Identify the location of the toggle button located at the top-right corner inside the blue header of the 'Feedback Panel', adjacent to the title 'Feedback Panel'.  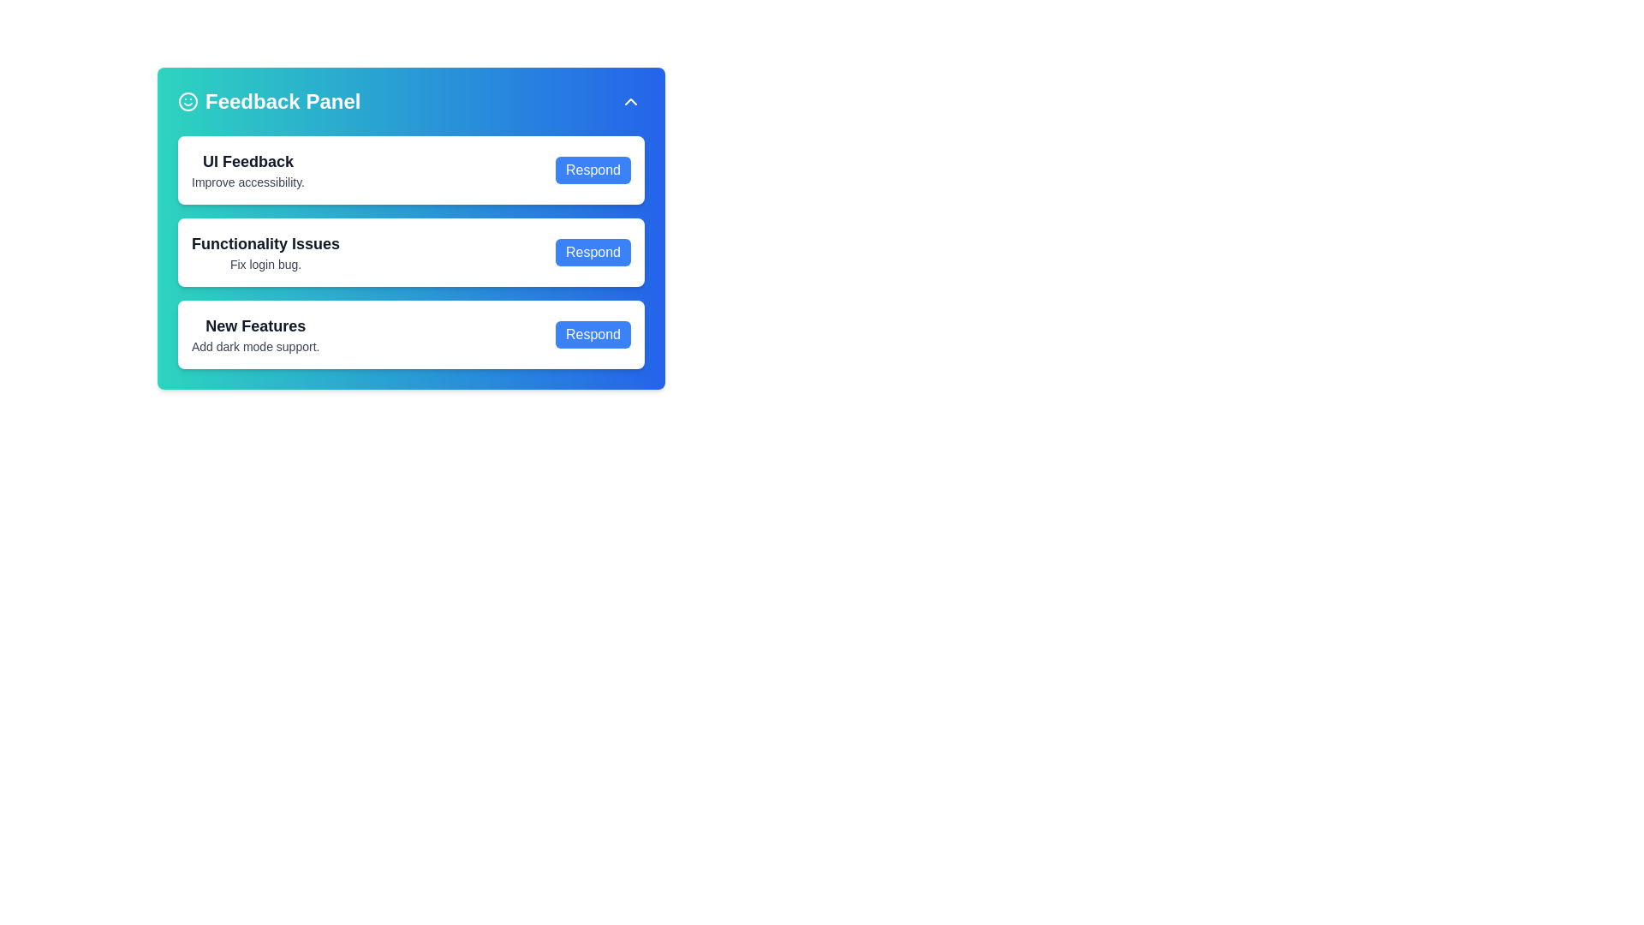
(630, 102).